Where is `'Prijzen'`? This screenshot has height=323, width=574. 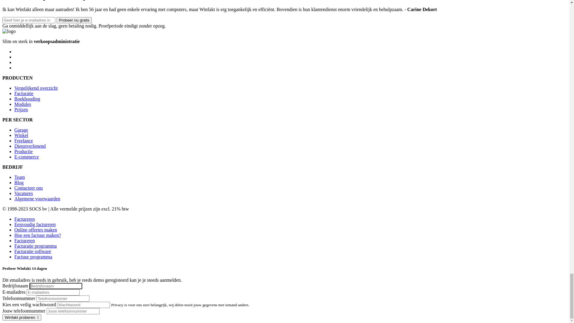 'Prijzen' is located at coordinates (21, 119).